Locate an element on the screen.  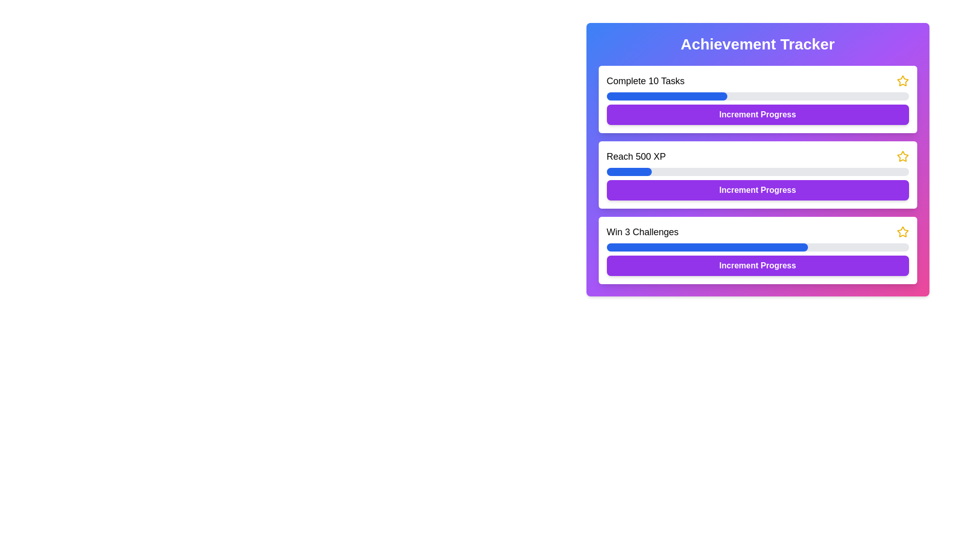
the task card that tracks progress for the challenge 'Win 3 Challenges', which is the third card in a vertical list of three cards is located at coordinates (757, 250).